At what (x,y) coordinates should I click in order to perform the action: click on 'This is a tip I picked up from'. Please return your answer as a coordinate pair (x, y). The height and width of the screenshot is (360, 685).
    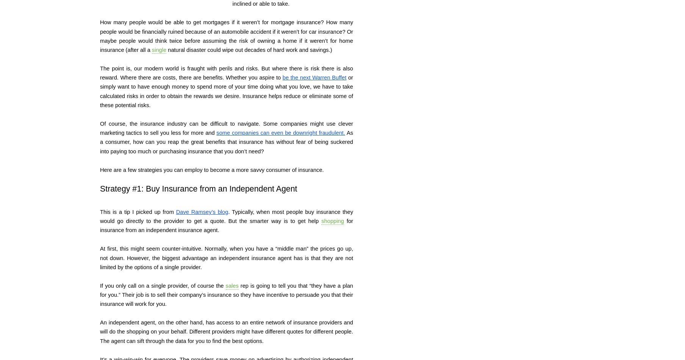
    Looking at the image, I should click on (138, 211).